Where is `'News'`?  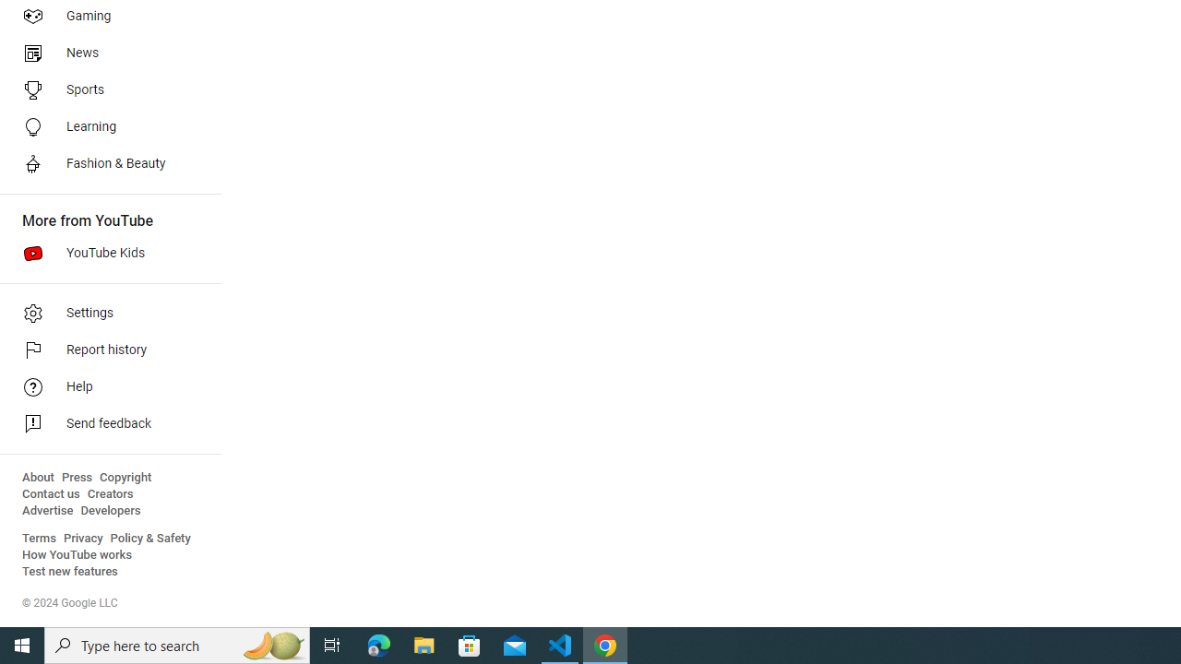 'News' is located at coordinates (103, 52).